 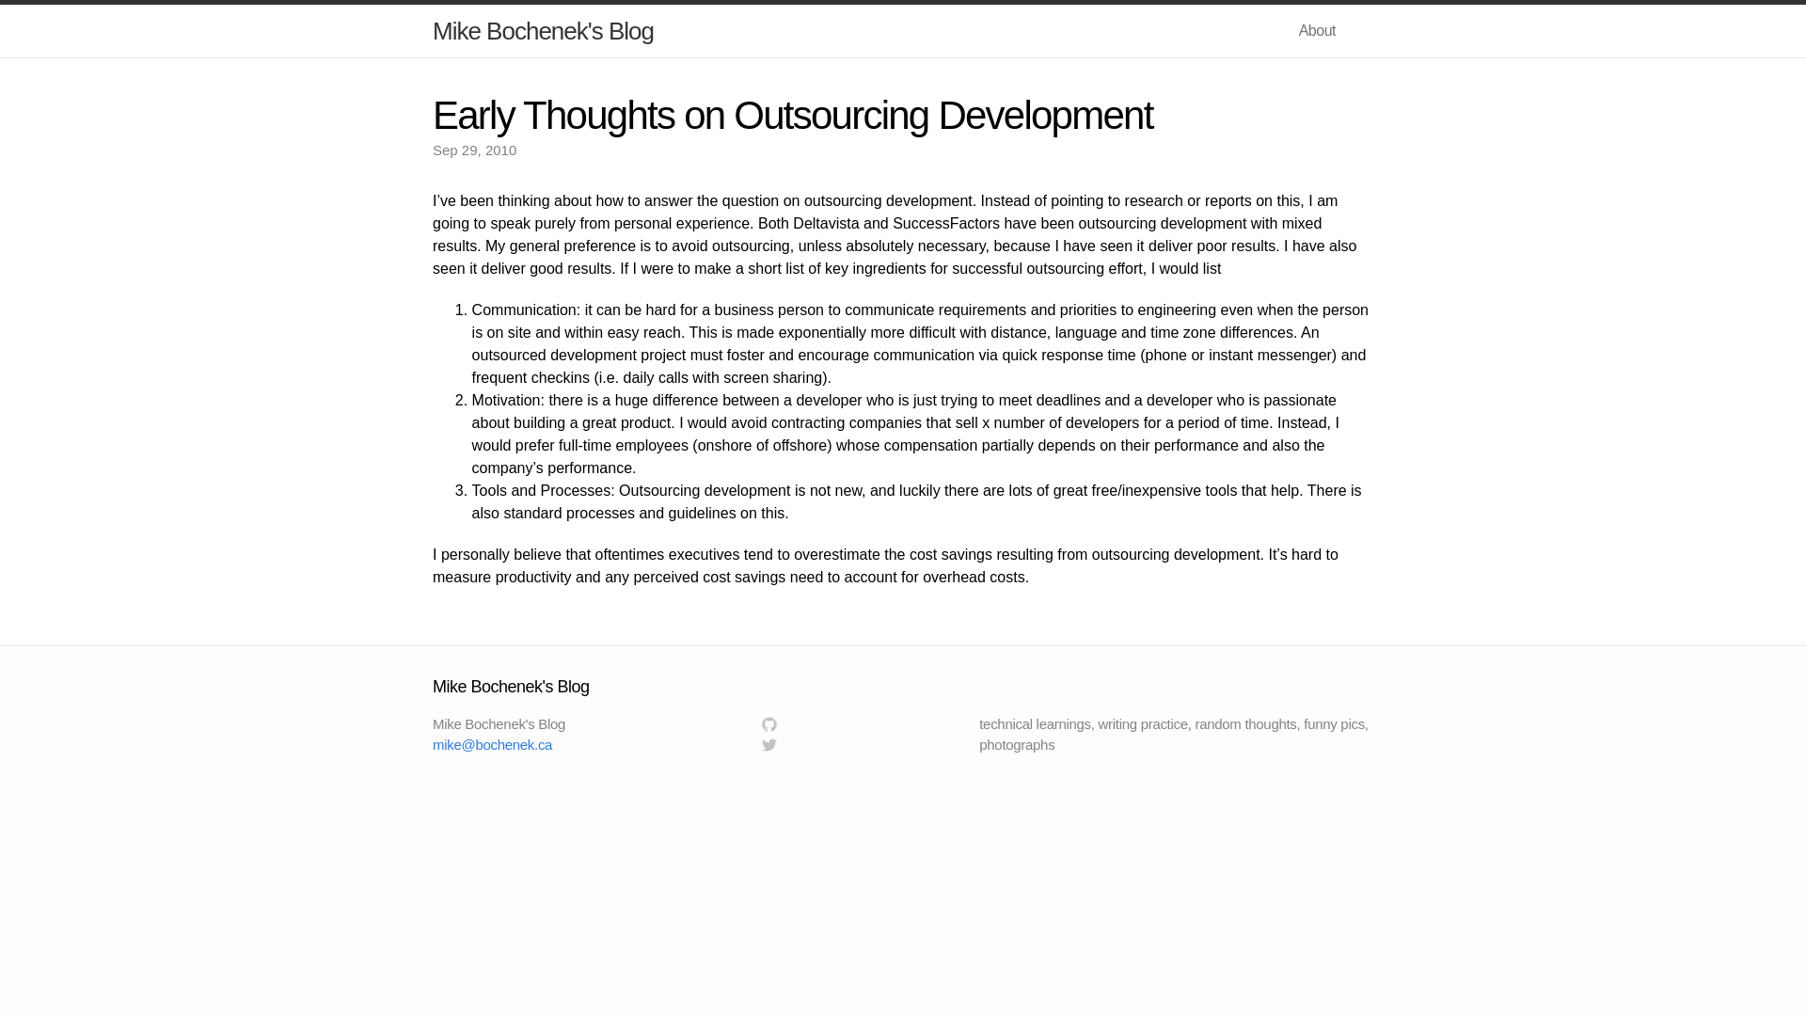 I want to click on 'mike@bochenek.ca', so click(x=432, y=743).